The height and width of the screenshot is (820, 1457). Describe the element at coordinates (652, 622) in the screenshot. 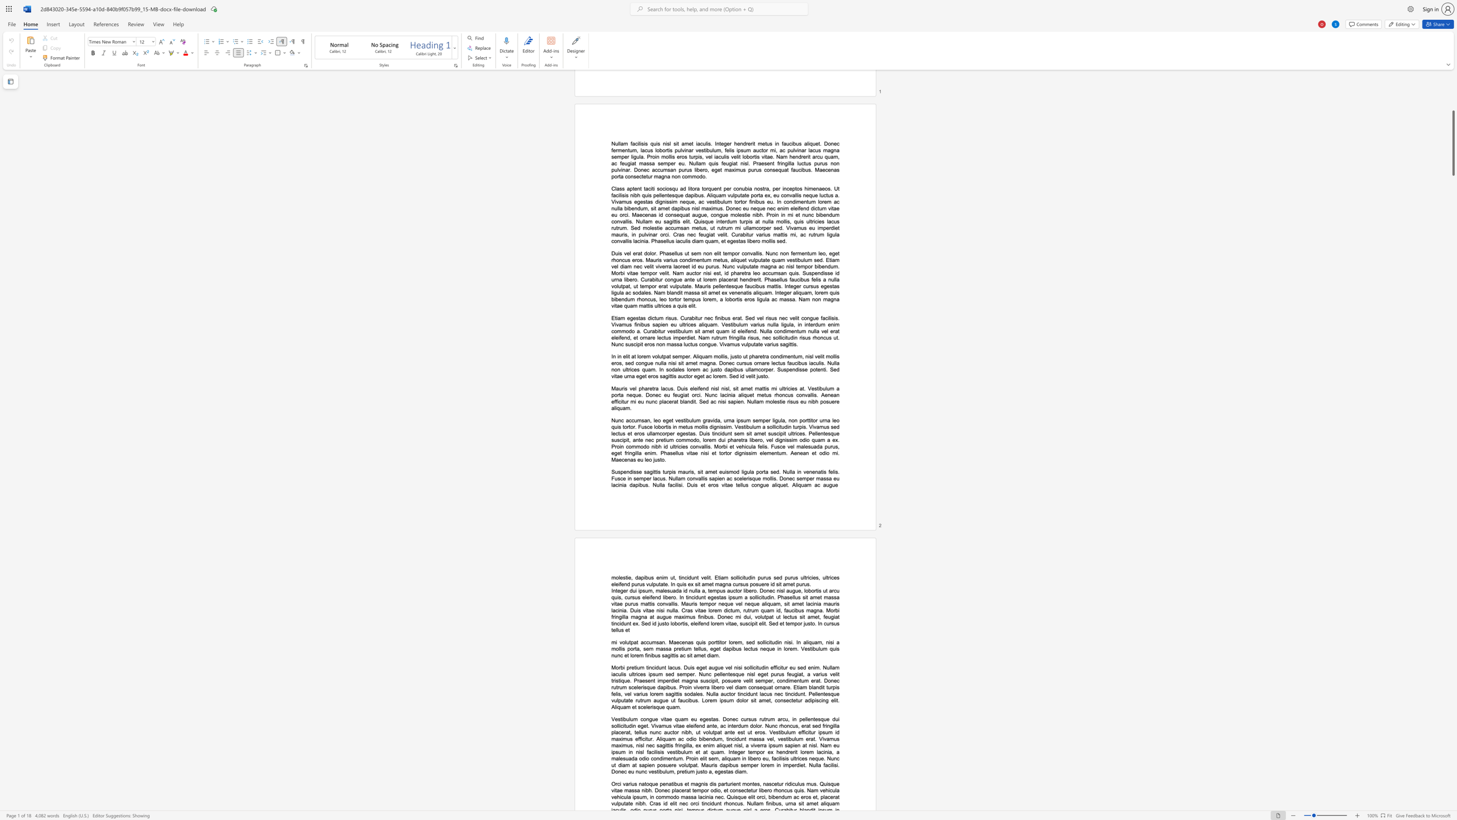

I see `the subset text "id justo lobortis, eleifend lorem vit" within the text "lacinia. Duis vitae nisi nulla. Cras vitae lorem dictum, rutrum quam id, faucibus magna. Morbi fringilla magna at augue maximus finibus. Donec mi dui, volutpat ut lectus sit amet, feugiat tincidunt ex. Sed id justo lobortis, eleifend lorem vitae, suscipit elit. Sed et tempor justo. In cursus tellus et"` at that location.